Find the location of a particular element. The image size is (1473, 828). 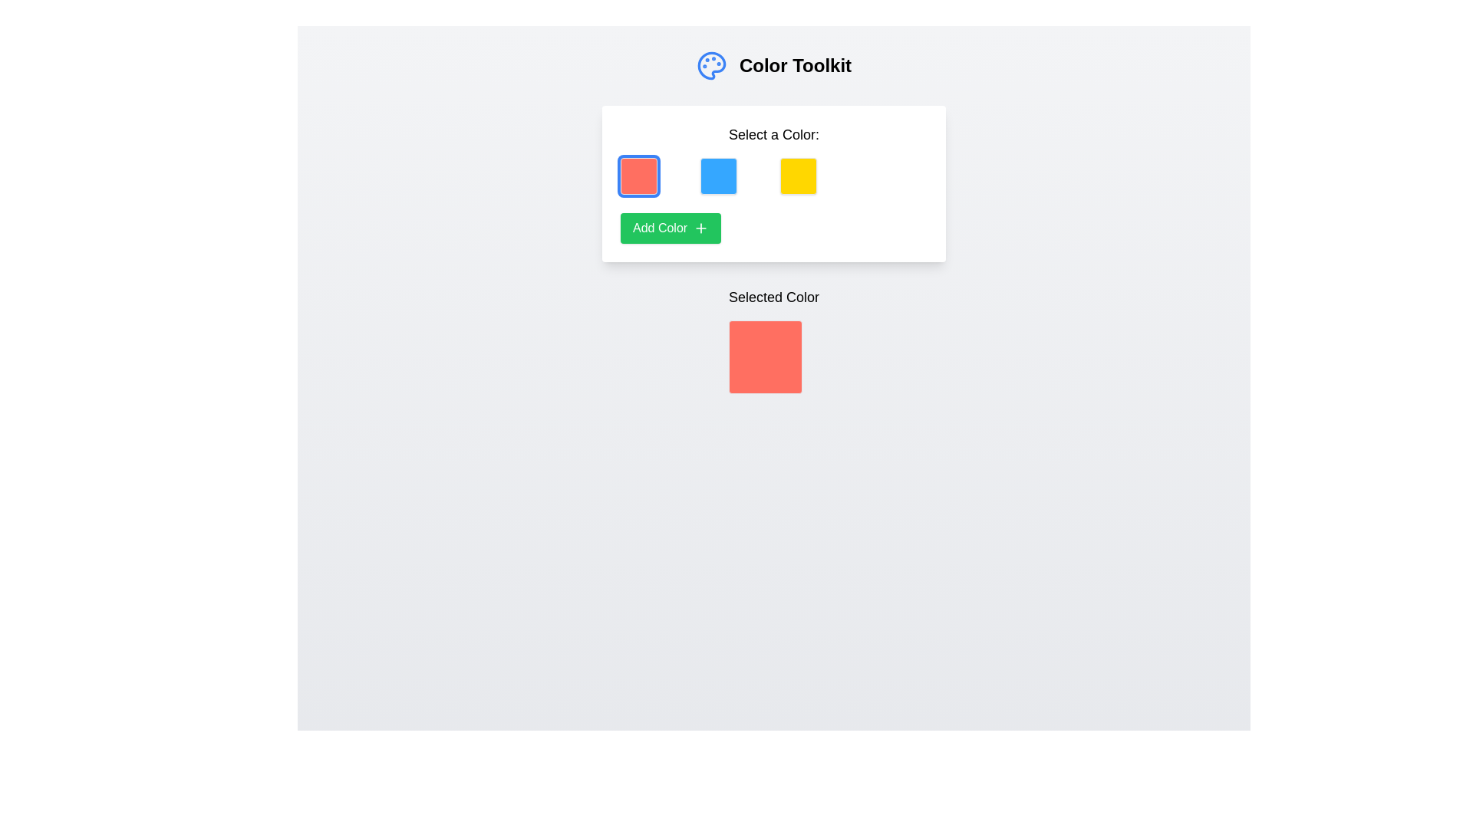

the blue color selection tile, which is the second button in a horizontal grid of four buttons is located at coordinates (717, 176).